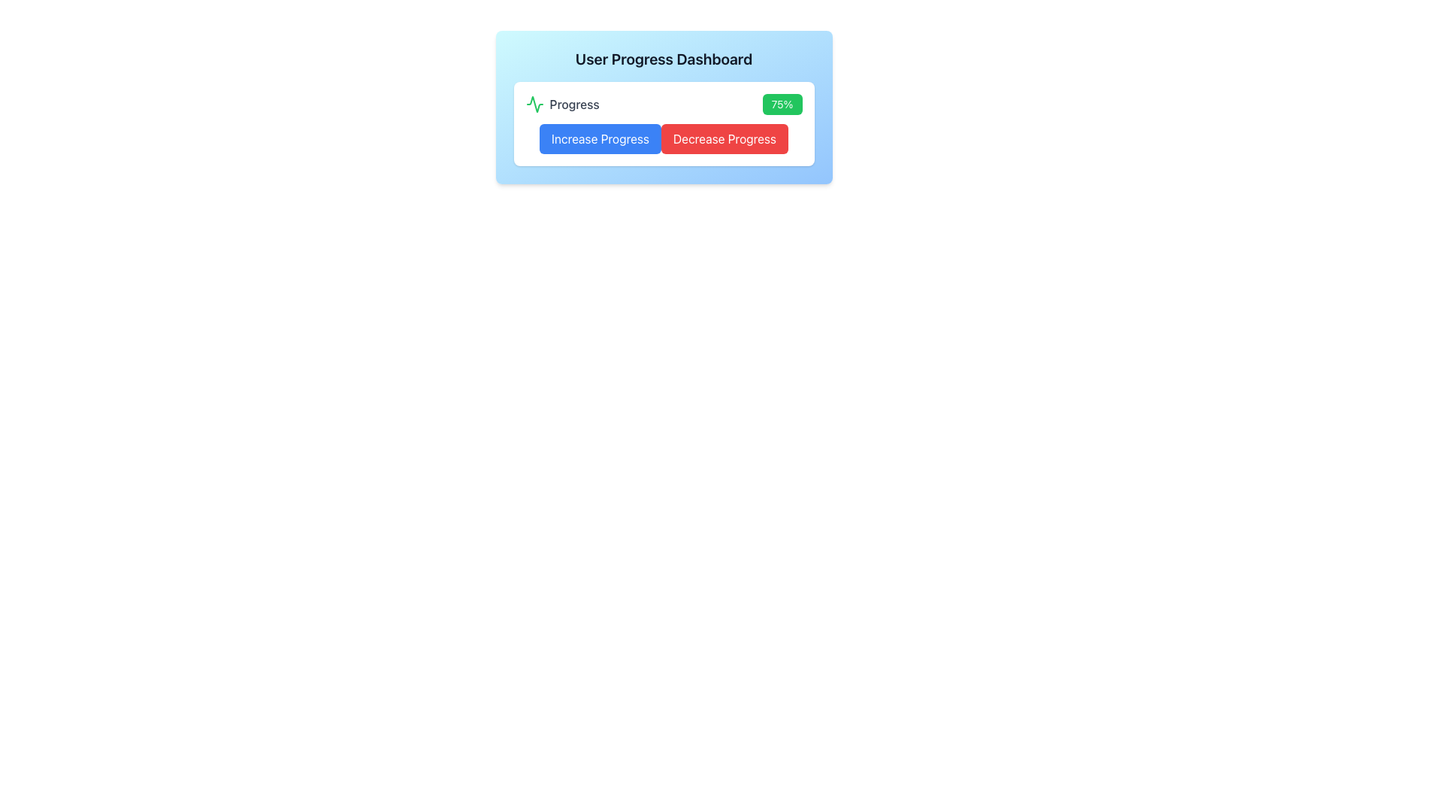  What do you see at coordinates (782, 103) in the screenshot?
I see `text content of the Badge displaying the percentage value for progress, located to the far right of the progress section and labeled 'Progress' to its left` at bounding box center [782, 103].